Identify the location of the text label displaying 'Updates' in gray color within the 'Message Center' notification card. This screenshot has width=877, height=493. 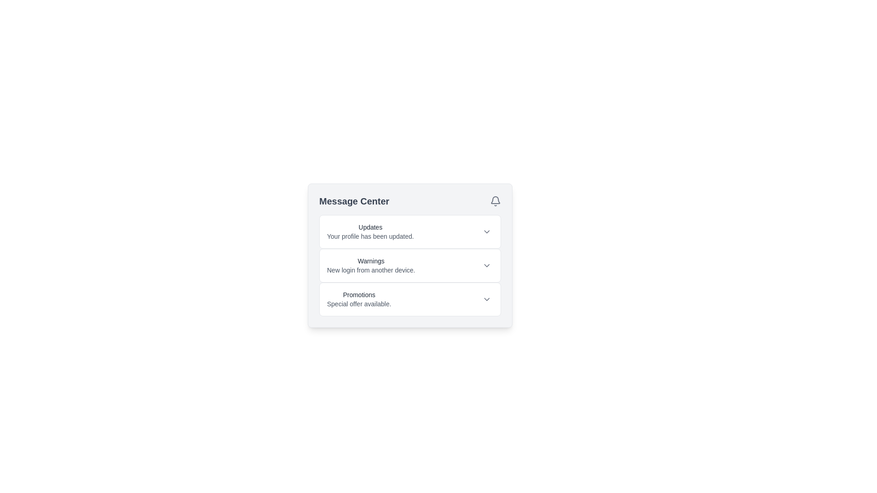
(370, 226).